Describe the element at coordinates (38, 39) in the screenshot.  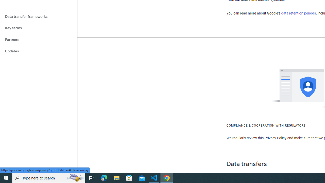
I see `'Partners'` at that location.